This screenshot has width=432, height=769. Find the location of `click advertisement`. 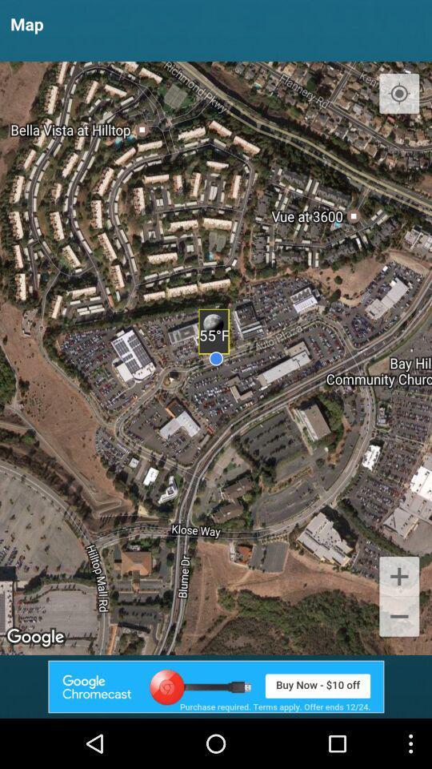

click advertisement is located at coordinates (216, 686).